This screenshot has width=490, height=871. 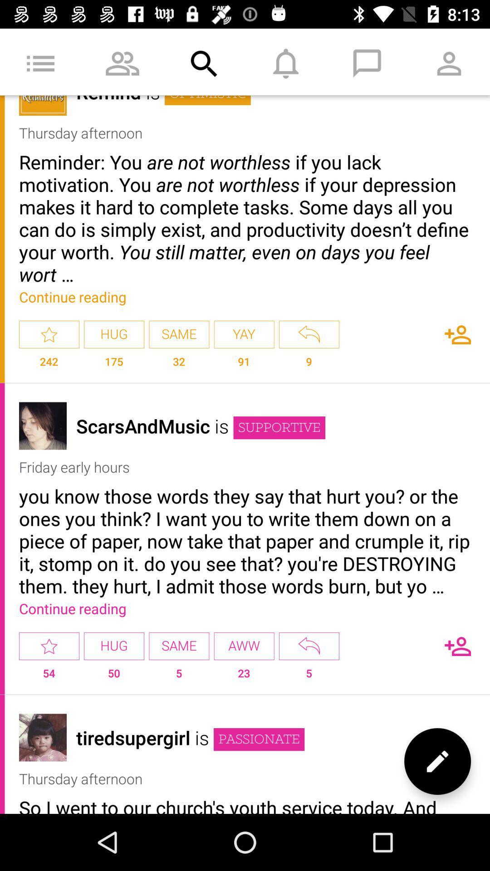 What do you see at coordinates (49, 646) in the screenshot?
I see `star this post` at bounding box center [49, 646].